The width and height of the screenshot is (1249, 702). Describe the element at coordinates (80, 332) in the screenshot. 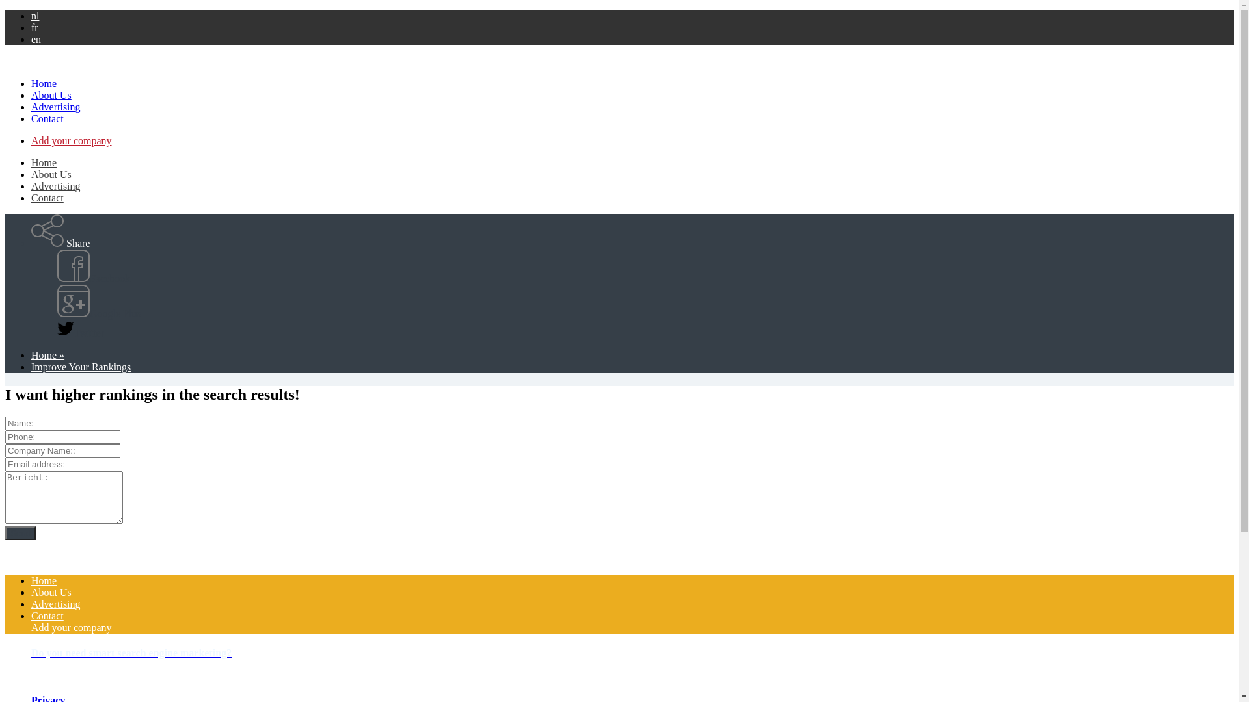

I see `'Twitter'` at that location.